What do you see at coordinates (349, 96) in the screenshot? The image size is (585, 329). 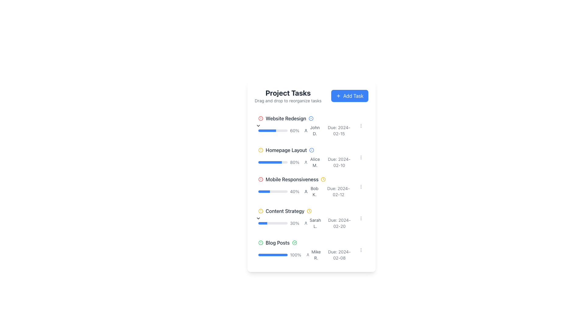 I see `the 'Add Task' button located at the upper-right corner of the 'Project Tasks' header section` at bounding box center [349, 96].